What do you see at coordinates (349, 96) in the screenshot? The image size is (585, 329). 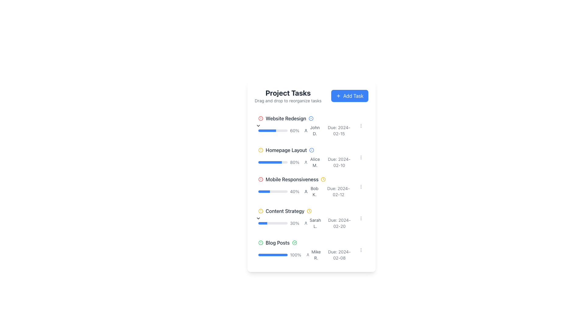 I see `the 'Add Task' button located at the upper-right corner of the 'Project Tasks' header section` at bounding box center [349, 96].